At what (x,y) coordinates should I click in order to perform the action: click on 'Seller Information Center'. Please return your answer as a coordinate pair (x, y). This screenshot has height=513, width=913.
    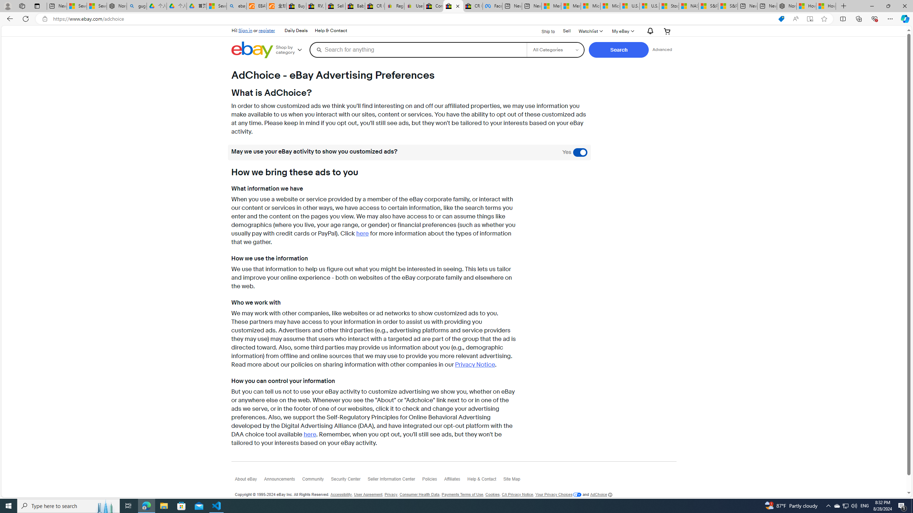
    Looking at the image, I should click on (394, 481).